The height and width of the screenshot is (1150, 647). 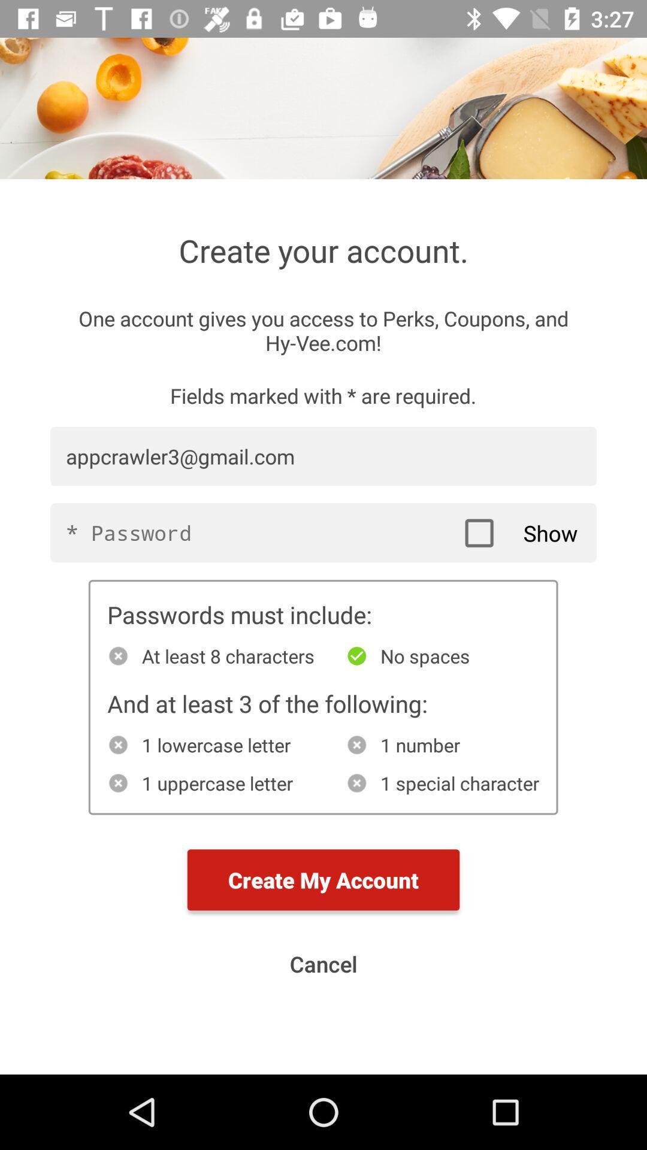 I want to click on password, so click(x=323, y=532).